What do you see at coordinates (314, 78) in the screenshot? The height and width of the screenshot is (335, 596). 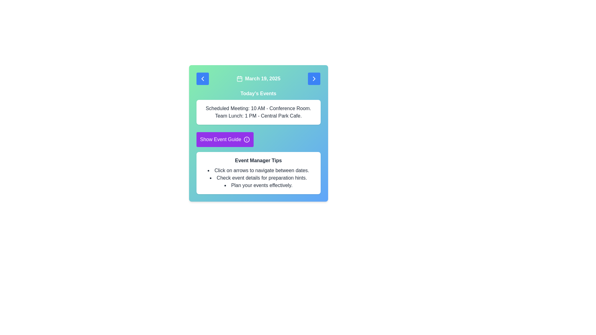 I see `the navigation arrow icon located in the top-right corner of the main panel, which serves to advance to the next item or section` at bounding box center [314, 78].